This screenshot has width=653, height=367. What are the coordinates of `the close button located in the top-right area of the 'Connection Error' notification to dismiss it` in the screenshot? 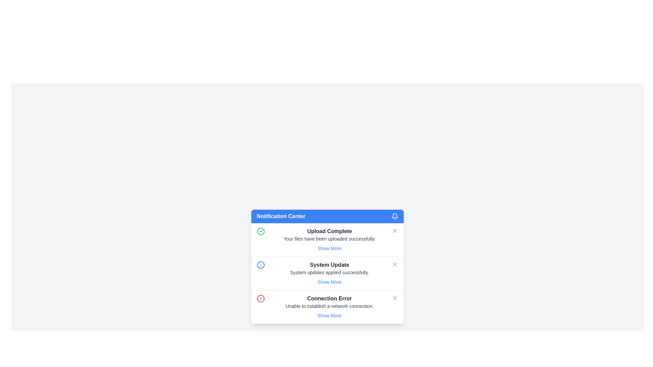 It's located at (395, 297).